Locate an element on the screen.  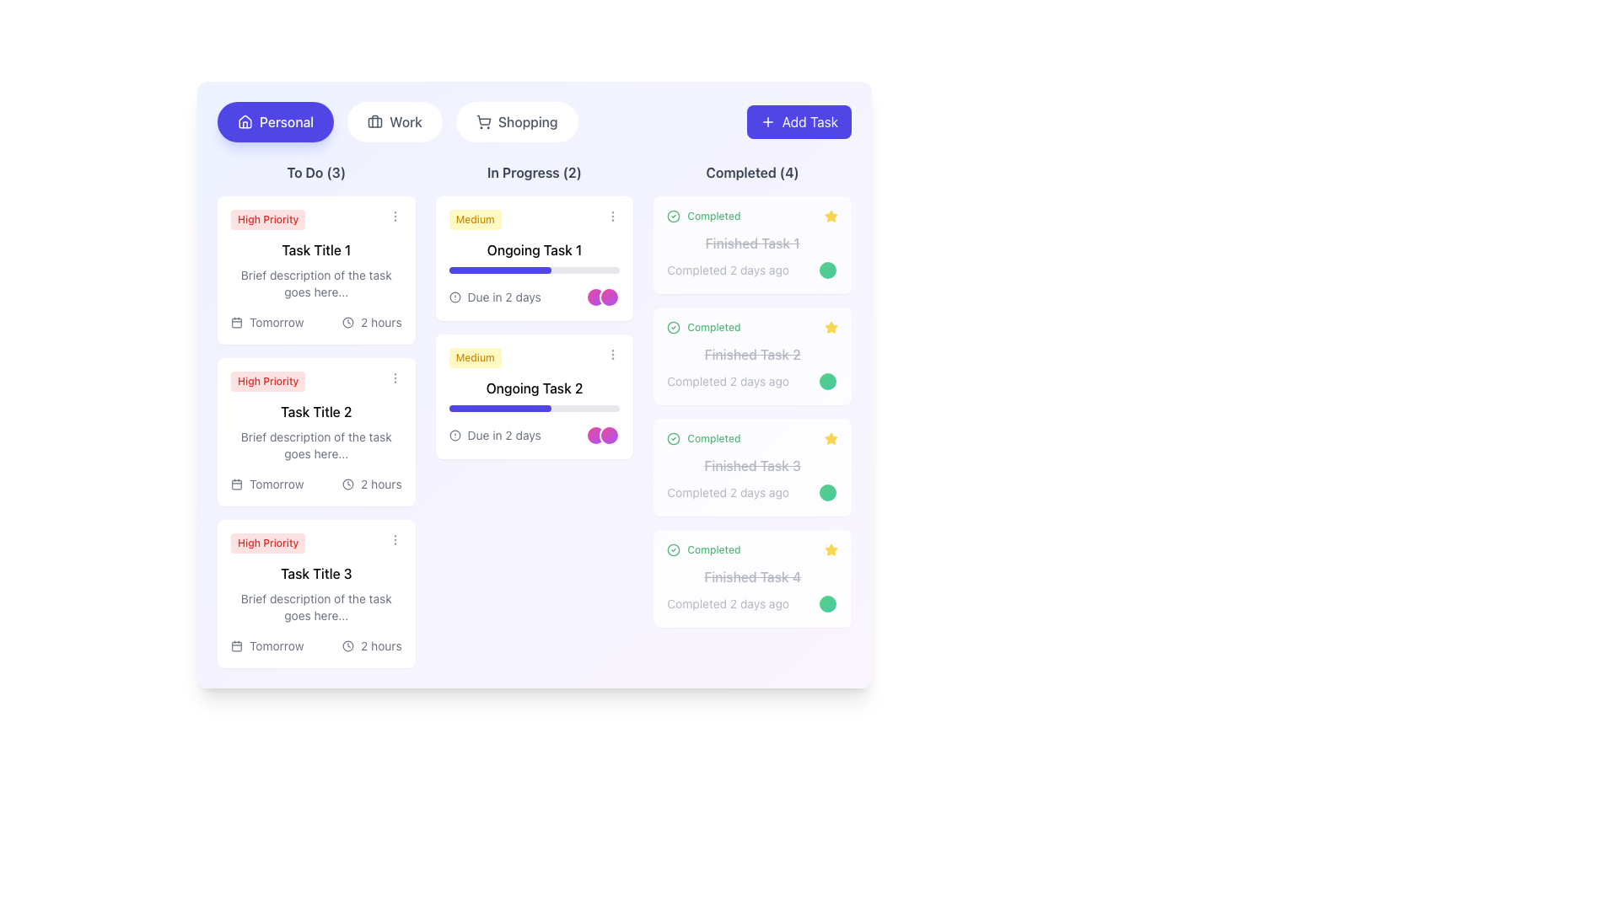
the timestamp text label located at the bottom of the fourth task card in the 'Completed' section, which is next to a green circular indicator is located at coordinates (751, 603).